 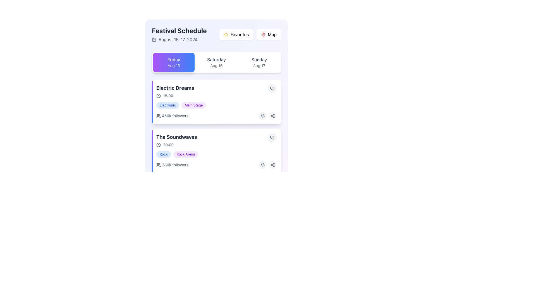 I want to click on the circular shape outlined within the clock icon that accompanies the time '18:00' next to 'Electric Dreams' in the list of scheduled events, so click(x=158, y=95).